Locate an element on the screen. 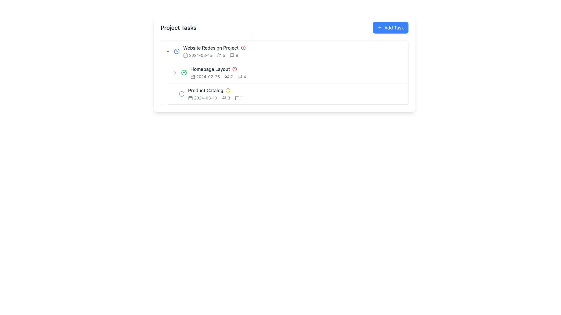 This screenshot has height=315, width=561. displayed number adjacent to the user icon in the task row labeled 'Homepage Layout' is located at coordinates (231, 76).